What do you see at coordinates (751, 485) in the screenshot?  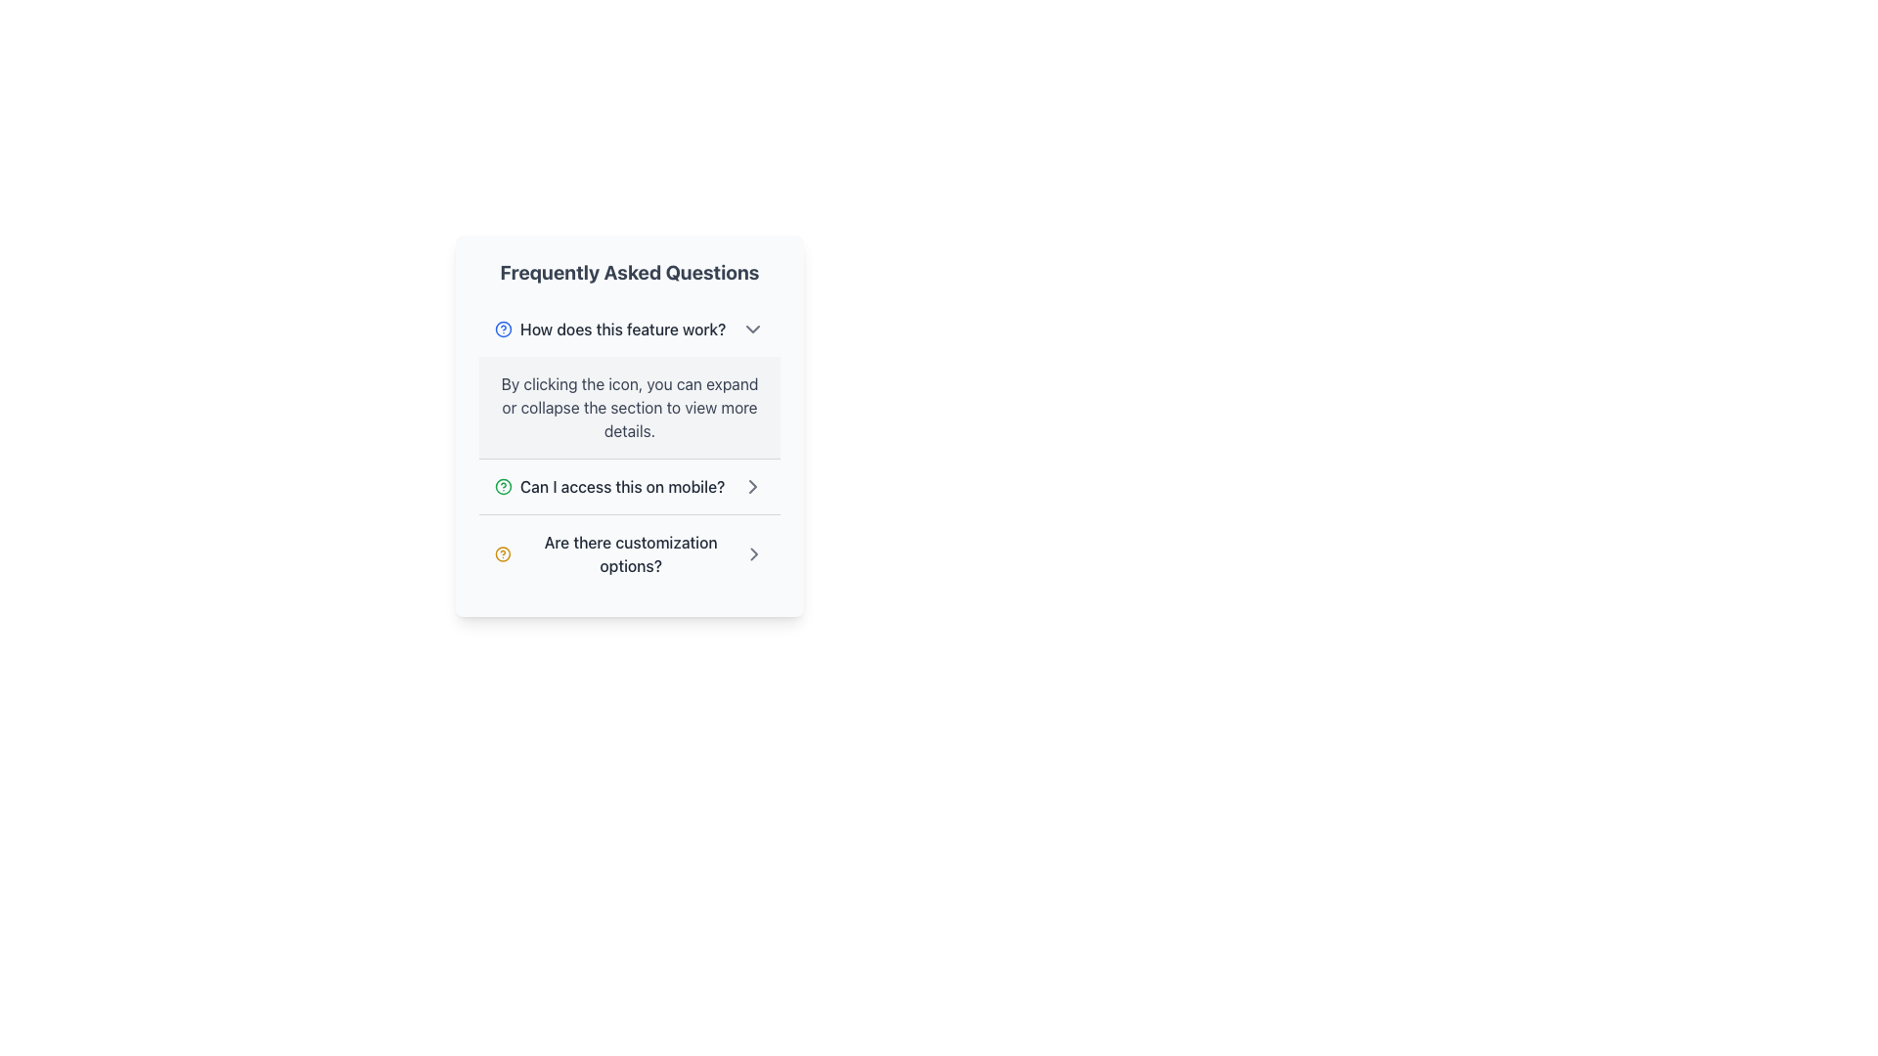 I see `the Chevron icon located to the right of the text 'Can I access this on mobile?' in the 'Frequently Asked Questions' section` at bounding box center [751, 485].